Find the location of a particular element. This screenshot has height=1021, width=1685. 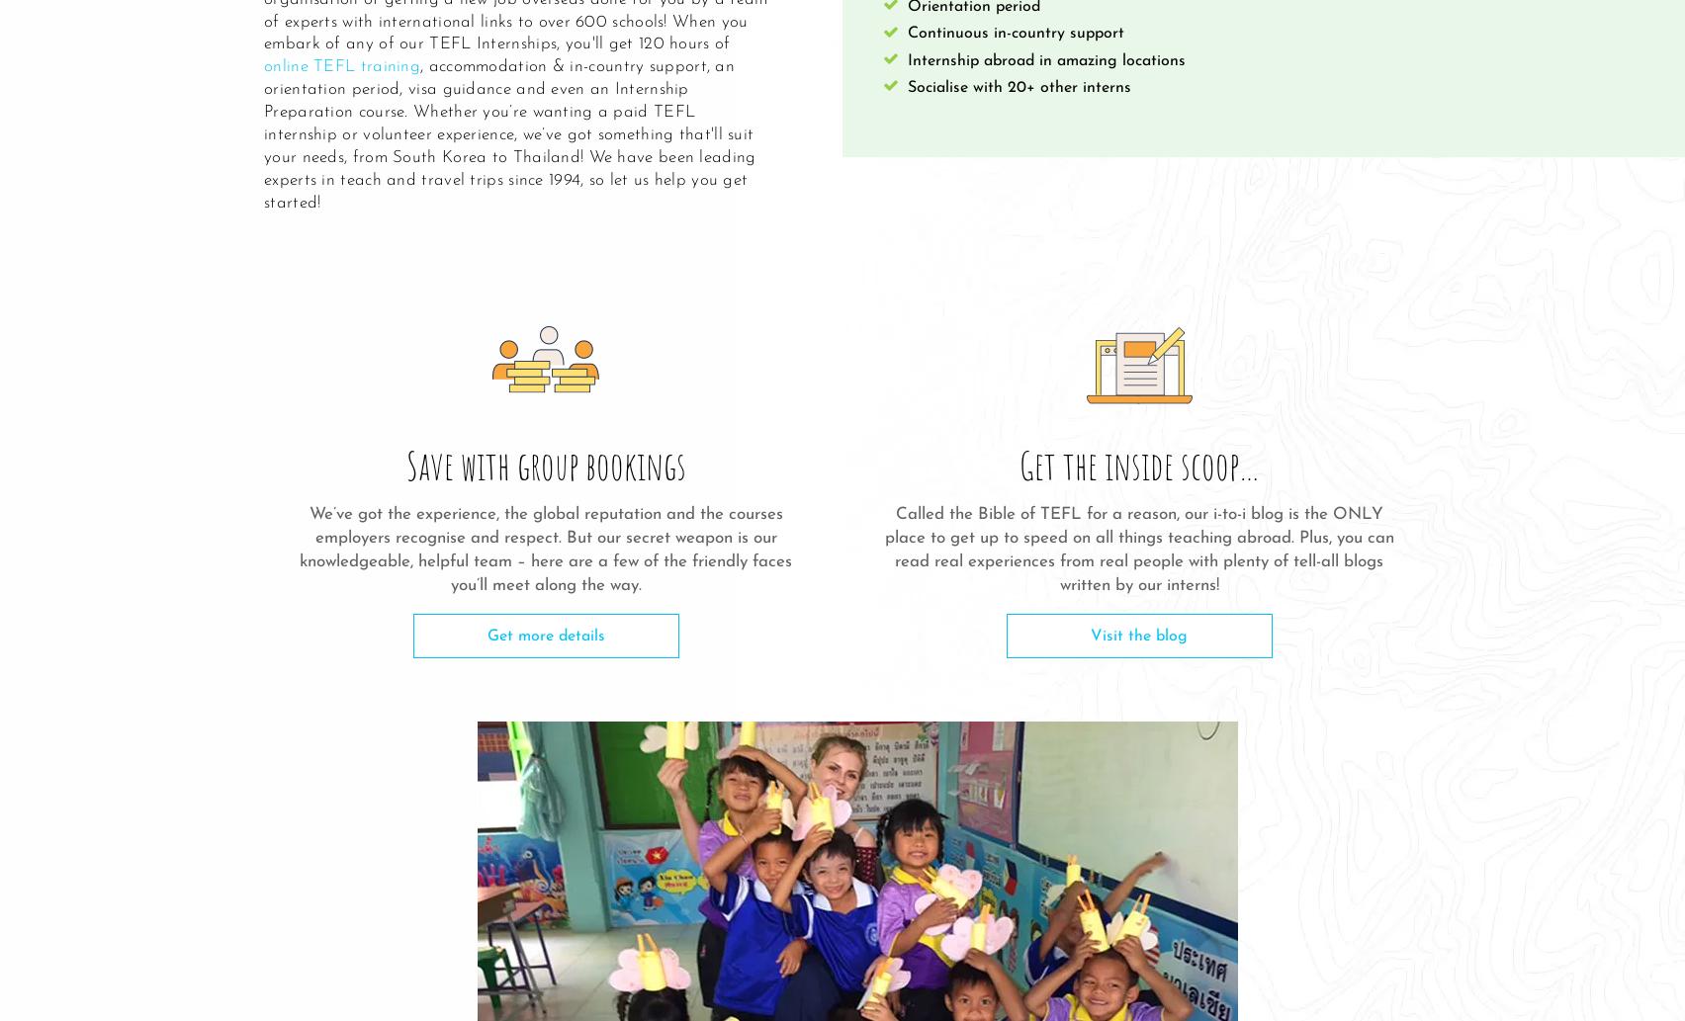

'We’ve got the experience, the global reputation and the courses employers recognise and respect. But our secret weapon is our knowledgeable, helpful team – here are a few of the friendly faces you’ll meet along the way.' is located at coordinates (298, 548).